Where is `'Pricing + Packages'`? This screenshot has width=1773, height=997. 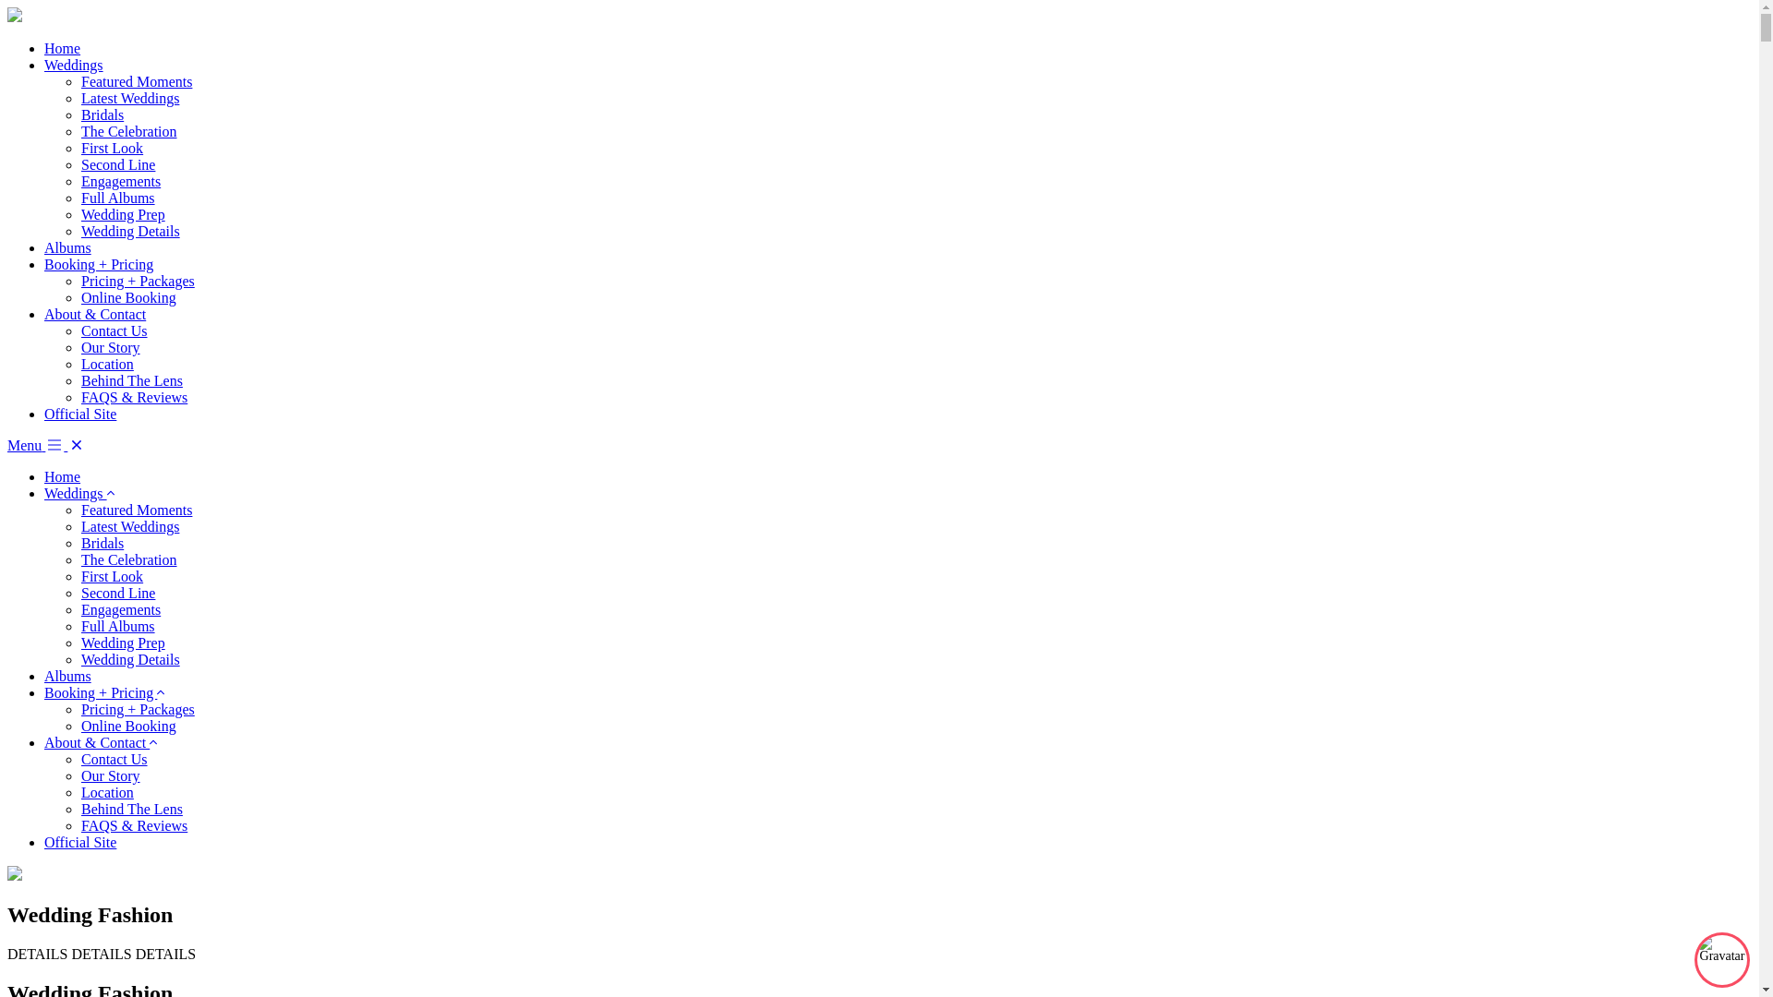
'Pricing + Packages' is located at coordinates (137, 281).